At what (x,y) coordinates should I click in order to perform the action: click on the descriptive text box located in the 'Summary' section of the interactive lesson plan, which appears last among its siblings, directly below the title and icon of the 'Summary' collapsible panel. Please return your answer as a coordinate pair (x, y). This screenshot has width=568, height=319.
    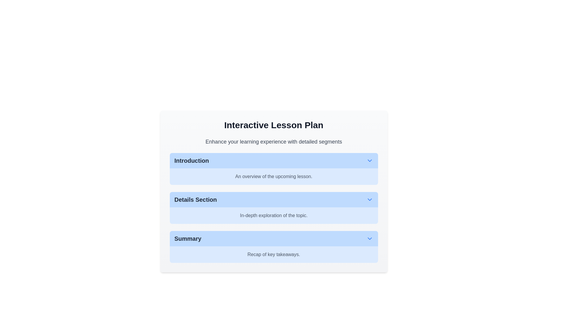
    Looking at the image, I should click on (273, 254).